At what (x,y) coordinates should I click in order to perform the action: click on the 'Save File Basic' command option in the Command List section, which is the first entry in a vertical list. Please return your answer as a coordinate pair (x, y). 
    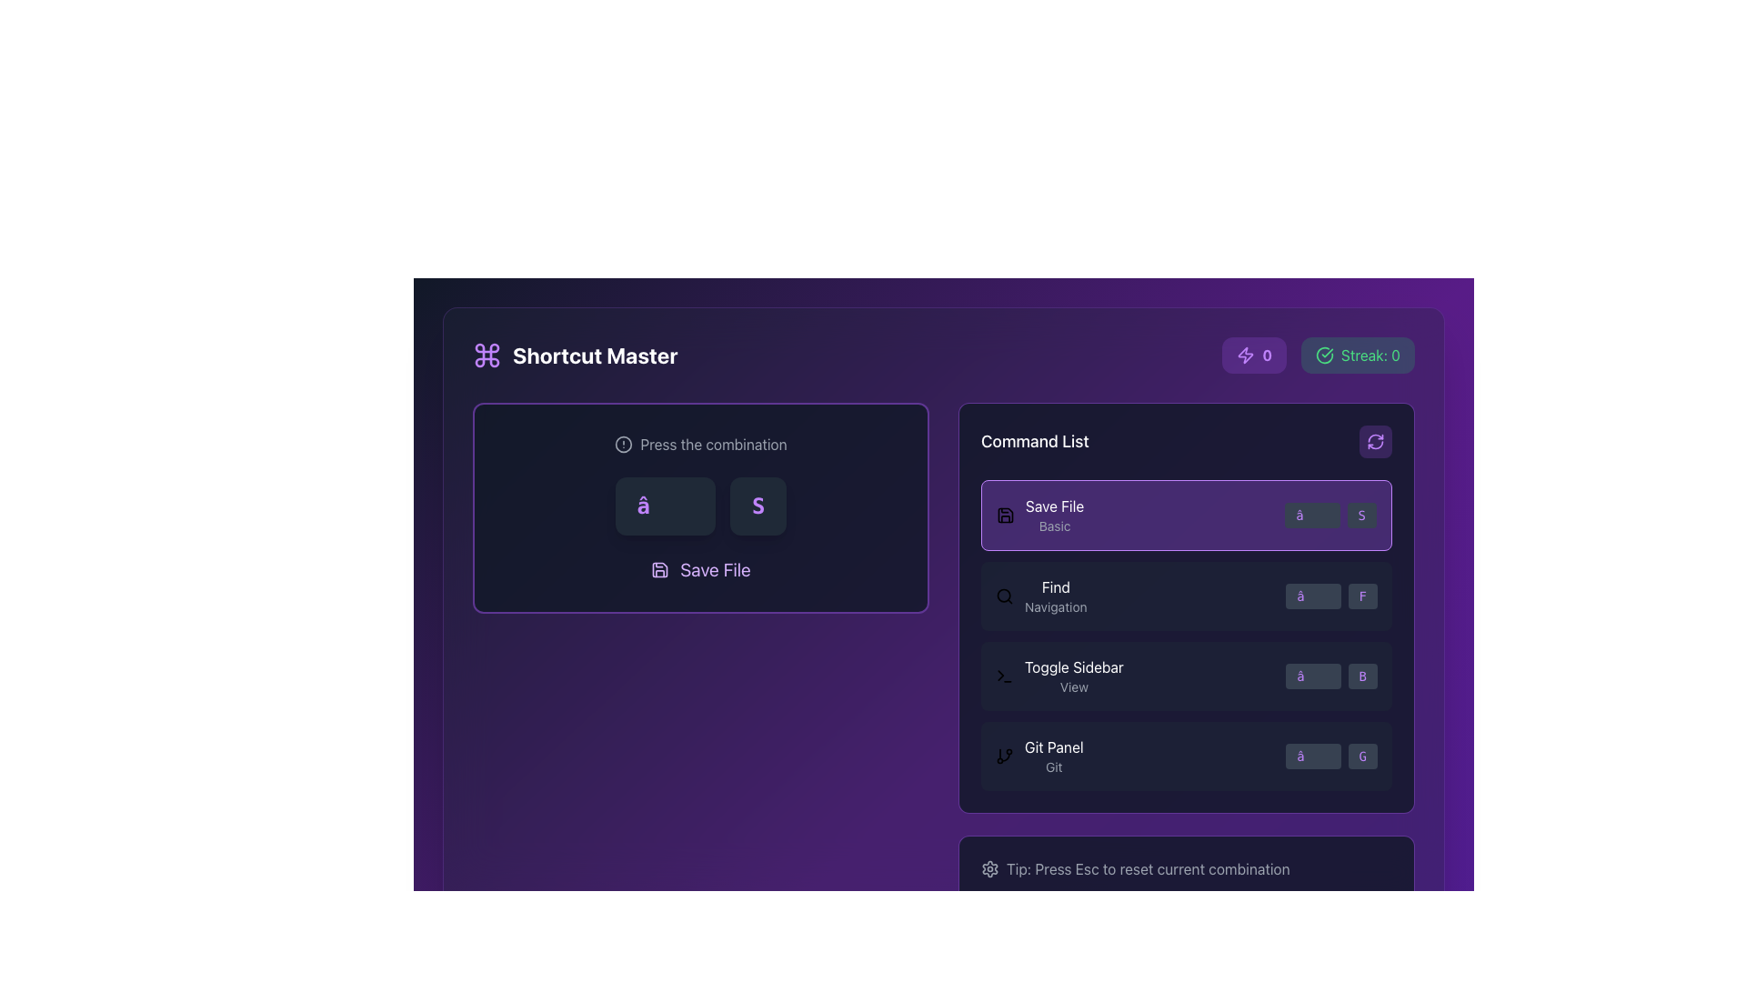
    Looking at the image, I should click on (1040, 516).